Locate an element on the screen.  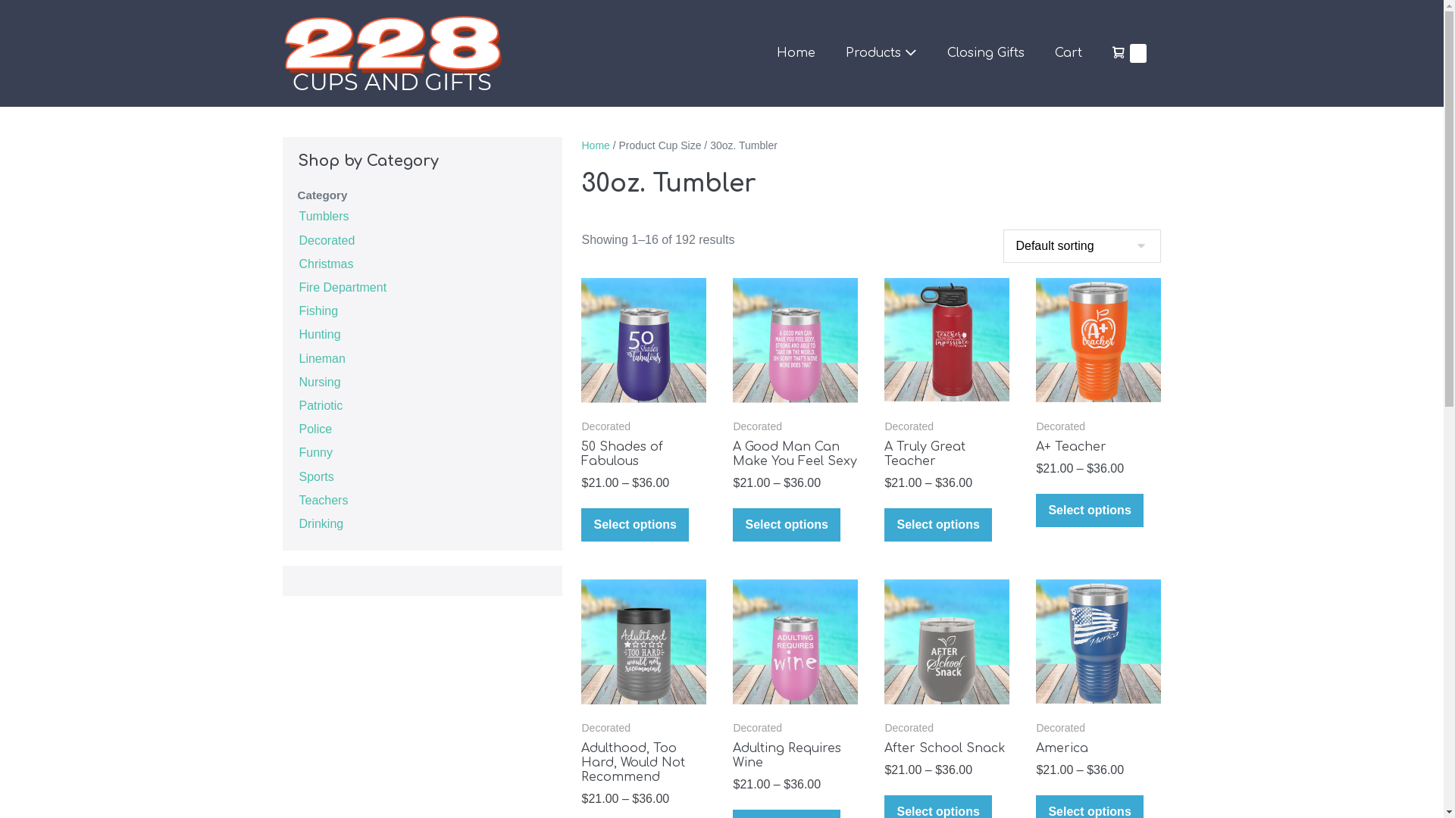
'50 Shades of Fabulous' is located at coordinates (643, 454).